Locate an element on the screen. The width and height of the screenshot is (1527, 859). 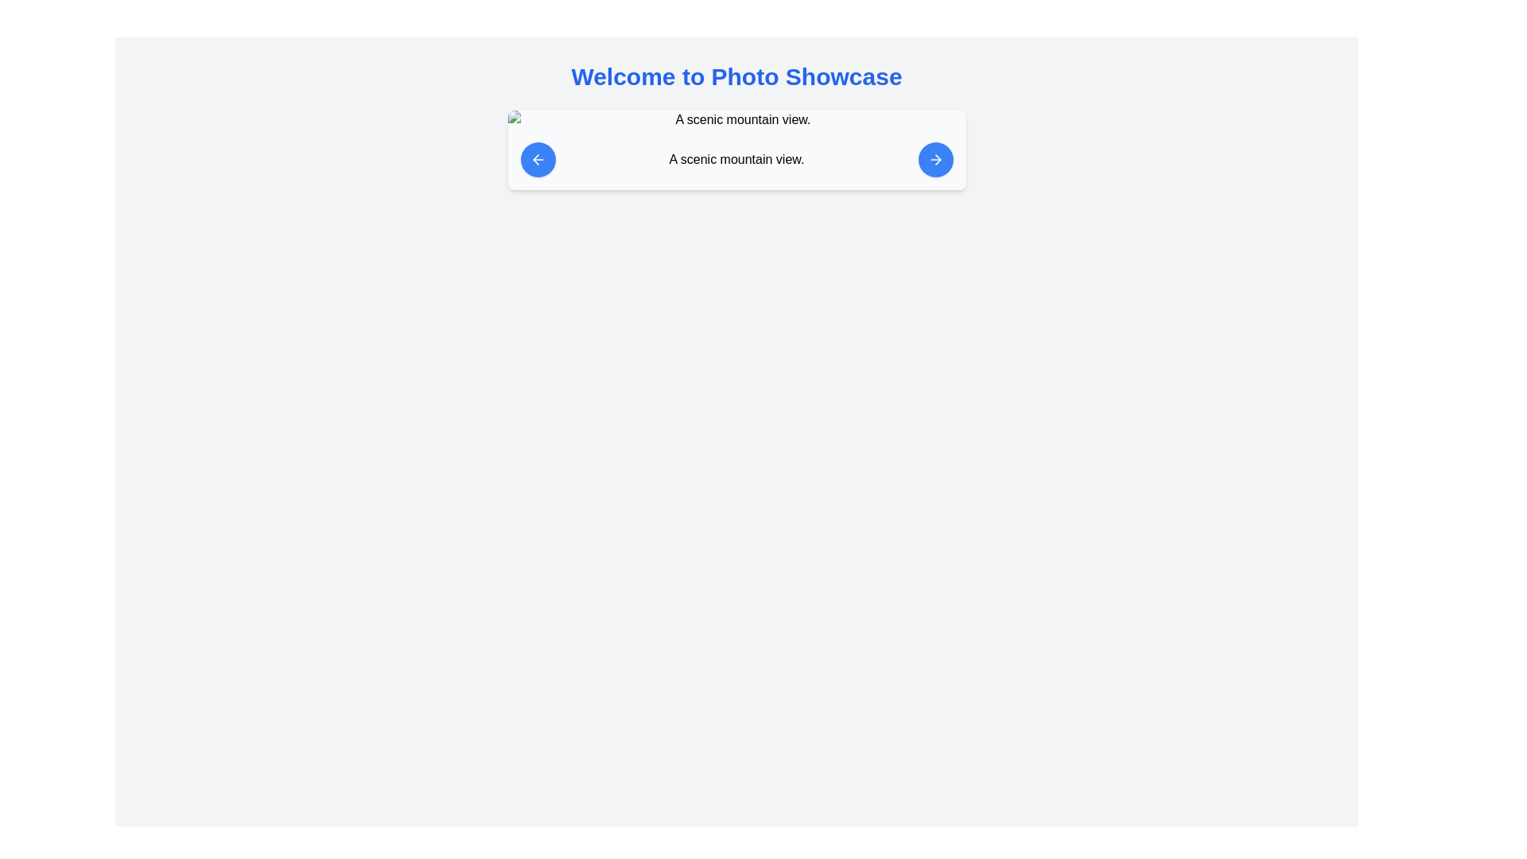
the circular button containing the arrow icon is located at coordinates (538, 159).